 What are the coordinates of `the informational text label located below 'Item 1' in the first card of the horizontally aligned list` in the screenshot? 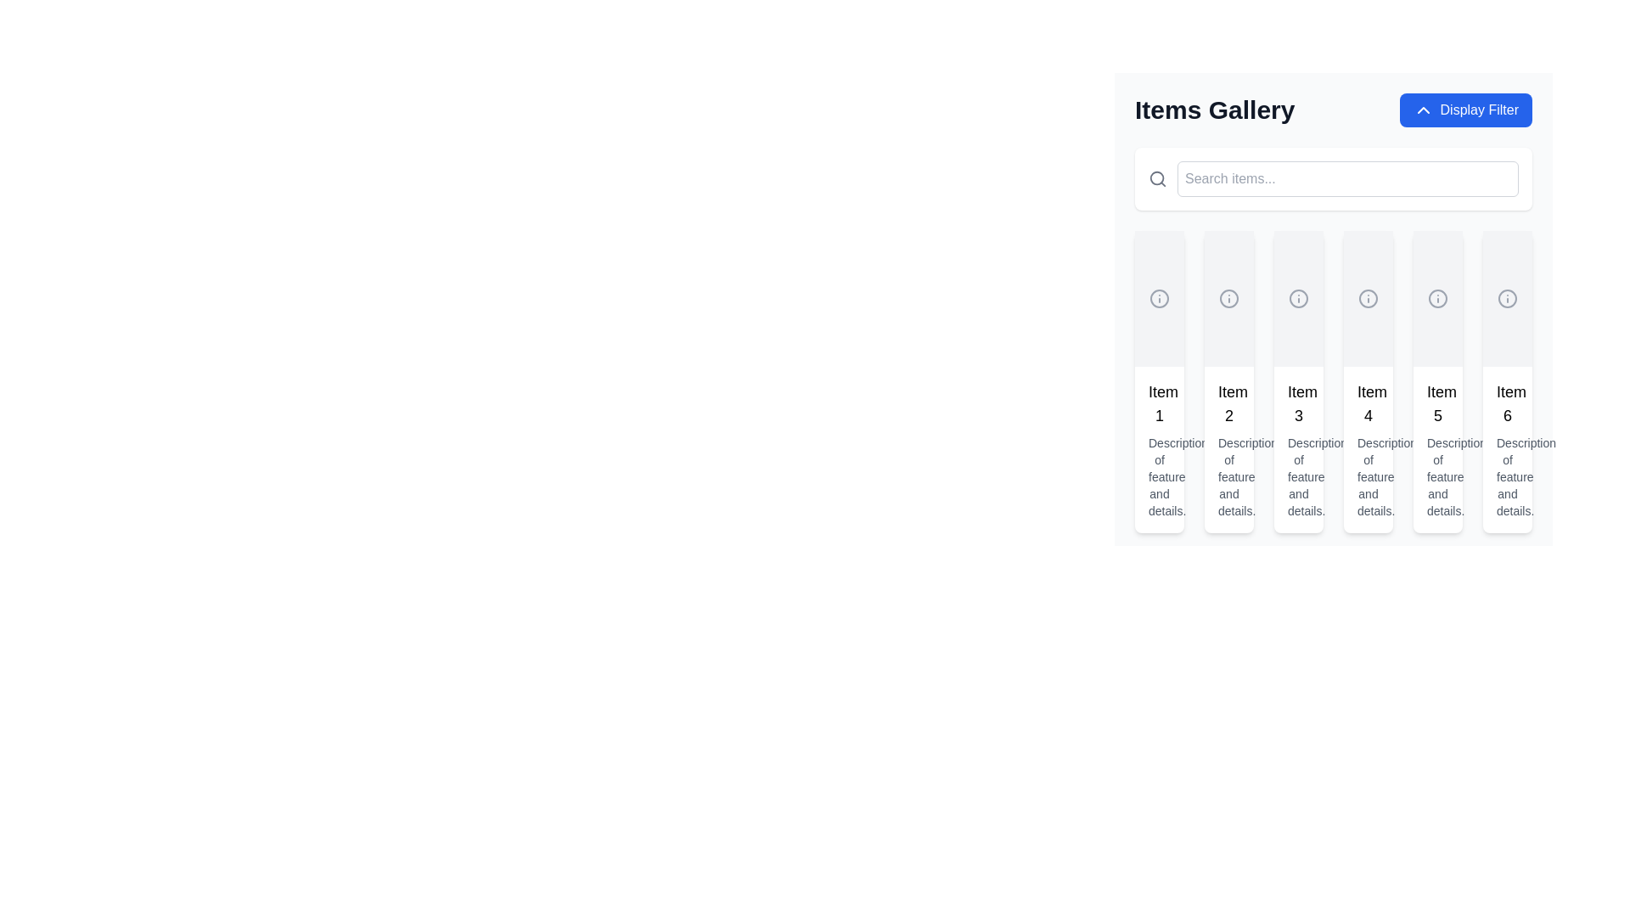 It's located at (1159, 477).